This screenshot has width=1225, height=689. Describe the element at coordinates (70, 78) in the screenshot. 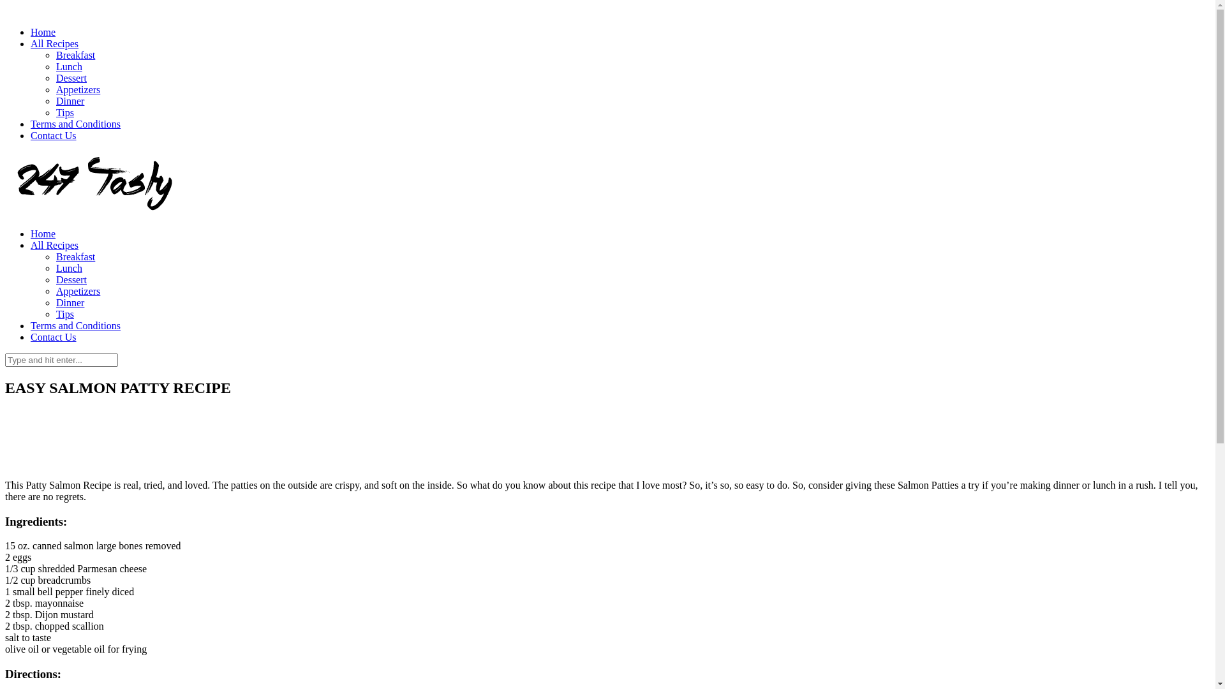

I see `'Dessert'` at that location.